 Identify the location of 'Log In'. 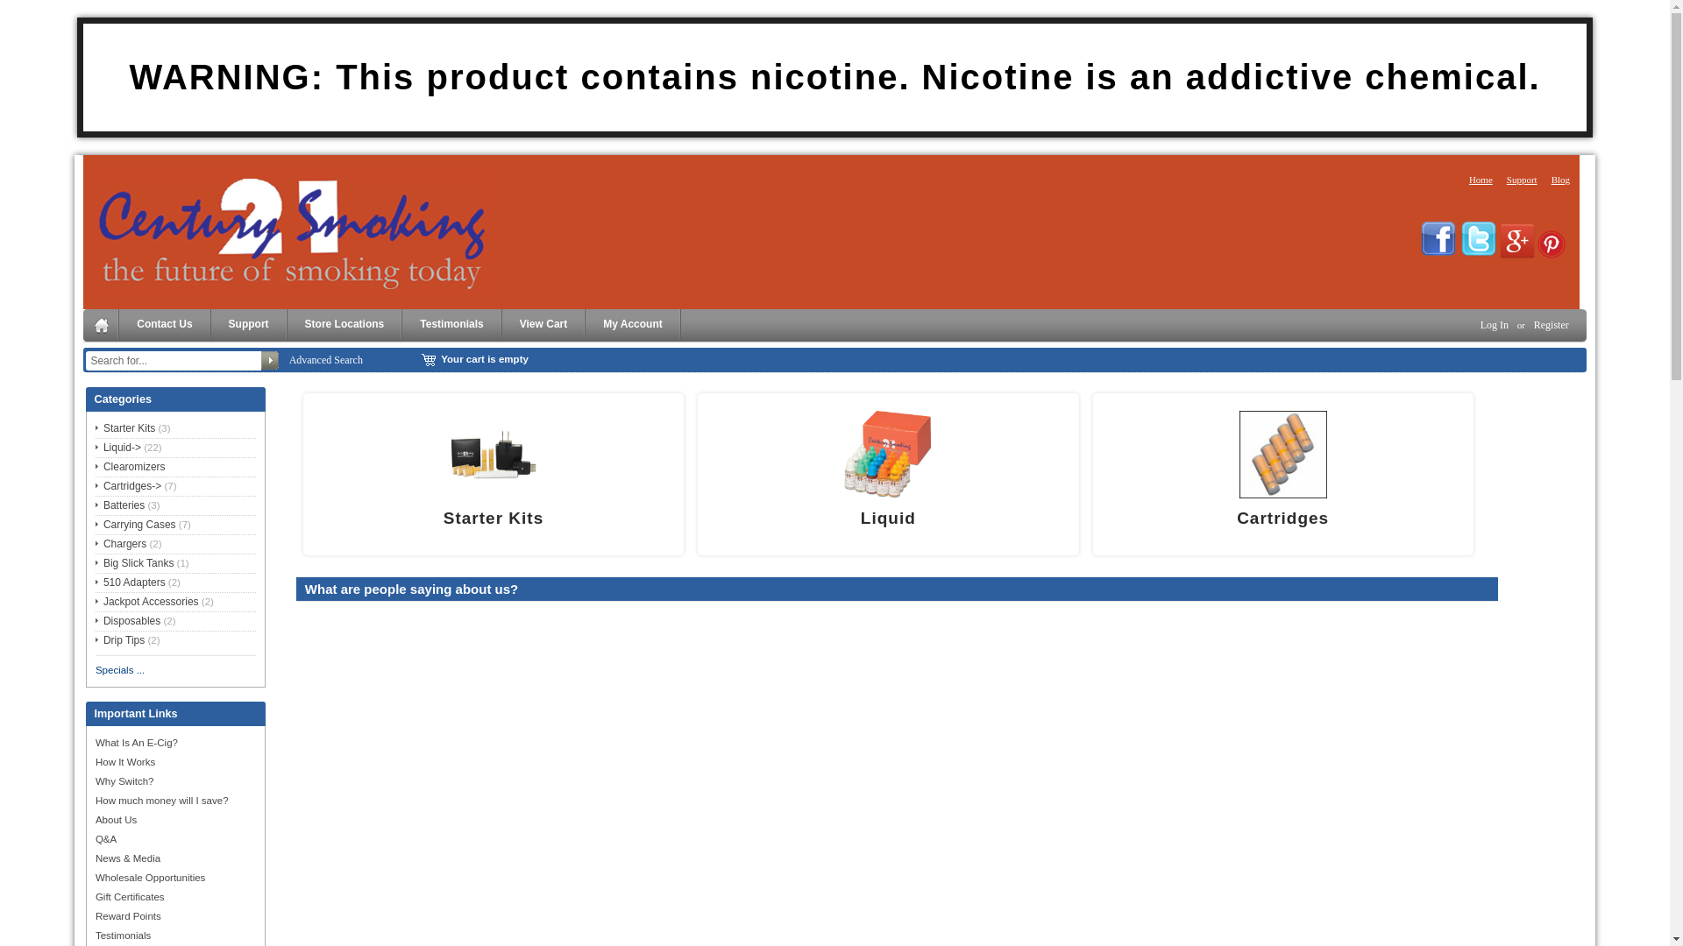
(1473, 324).